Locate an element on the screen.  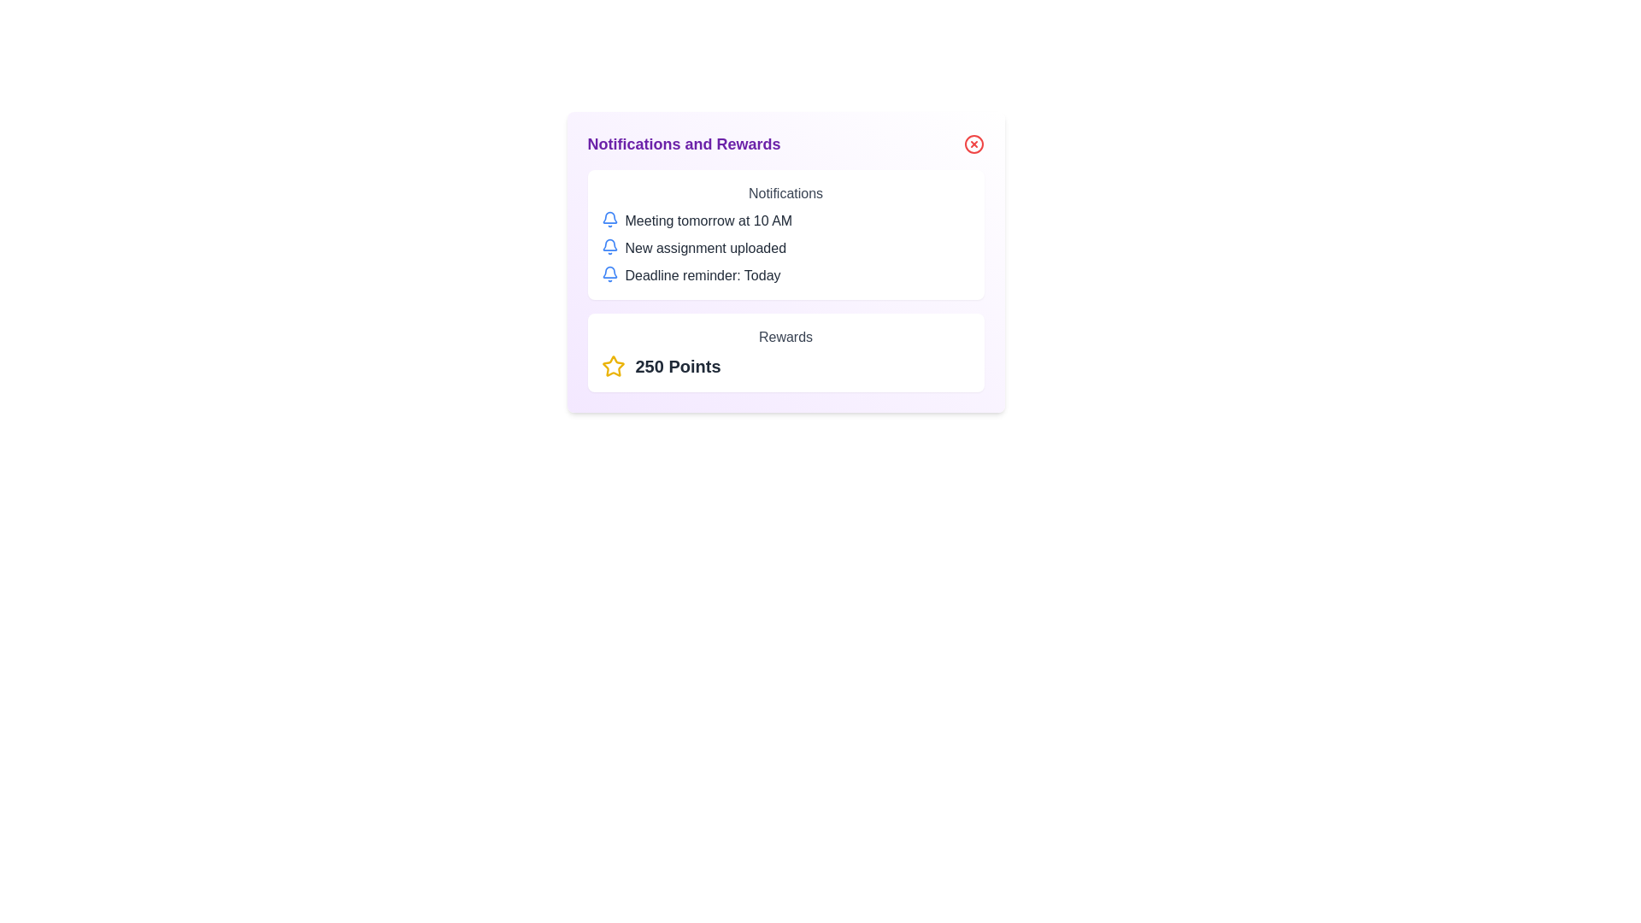
text of the notification label reminding the user of today's deadline, positioned in the center of the notification area as the third notification in the list is located at coordinates (703, 275).